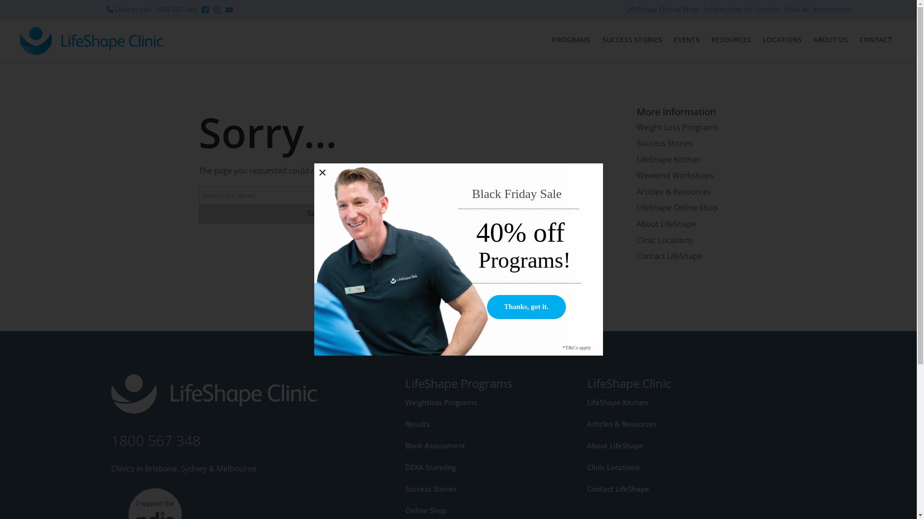  Describe the element at coordinates (855, 39) in the screenshot. I see `'CONTACT'` at that location.